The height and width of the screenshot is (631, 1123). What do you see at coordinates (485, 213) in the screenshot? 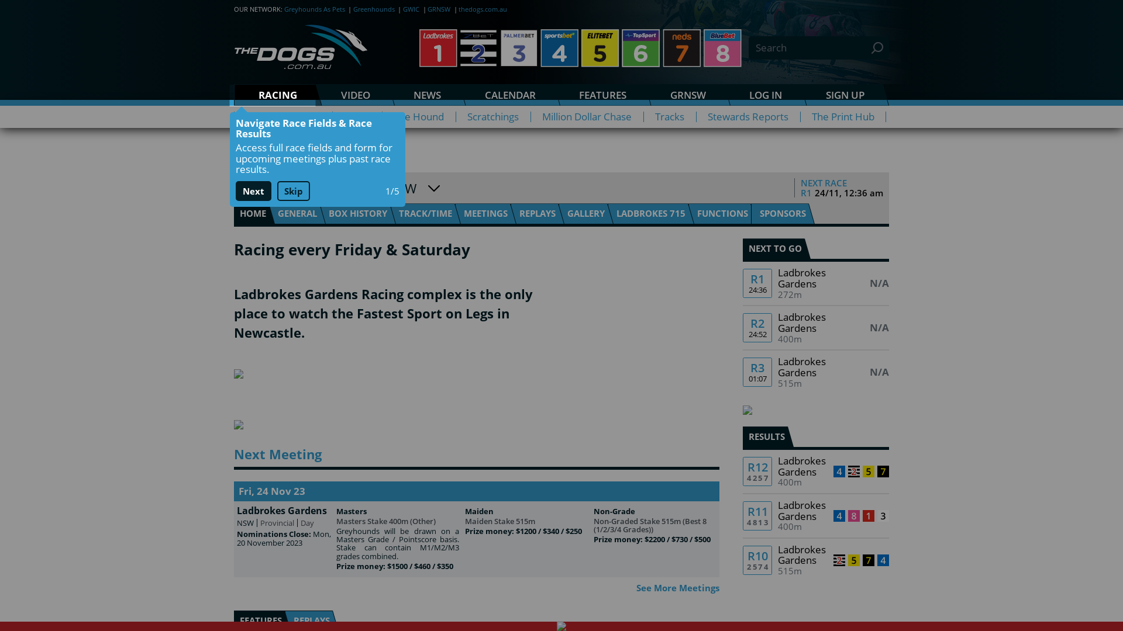
I see `'MEETINGS'` at bounding box center [485, 213].